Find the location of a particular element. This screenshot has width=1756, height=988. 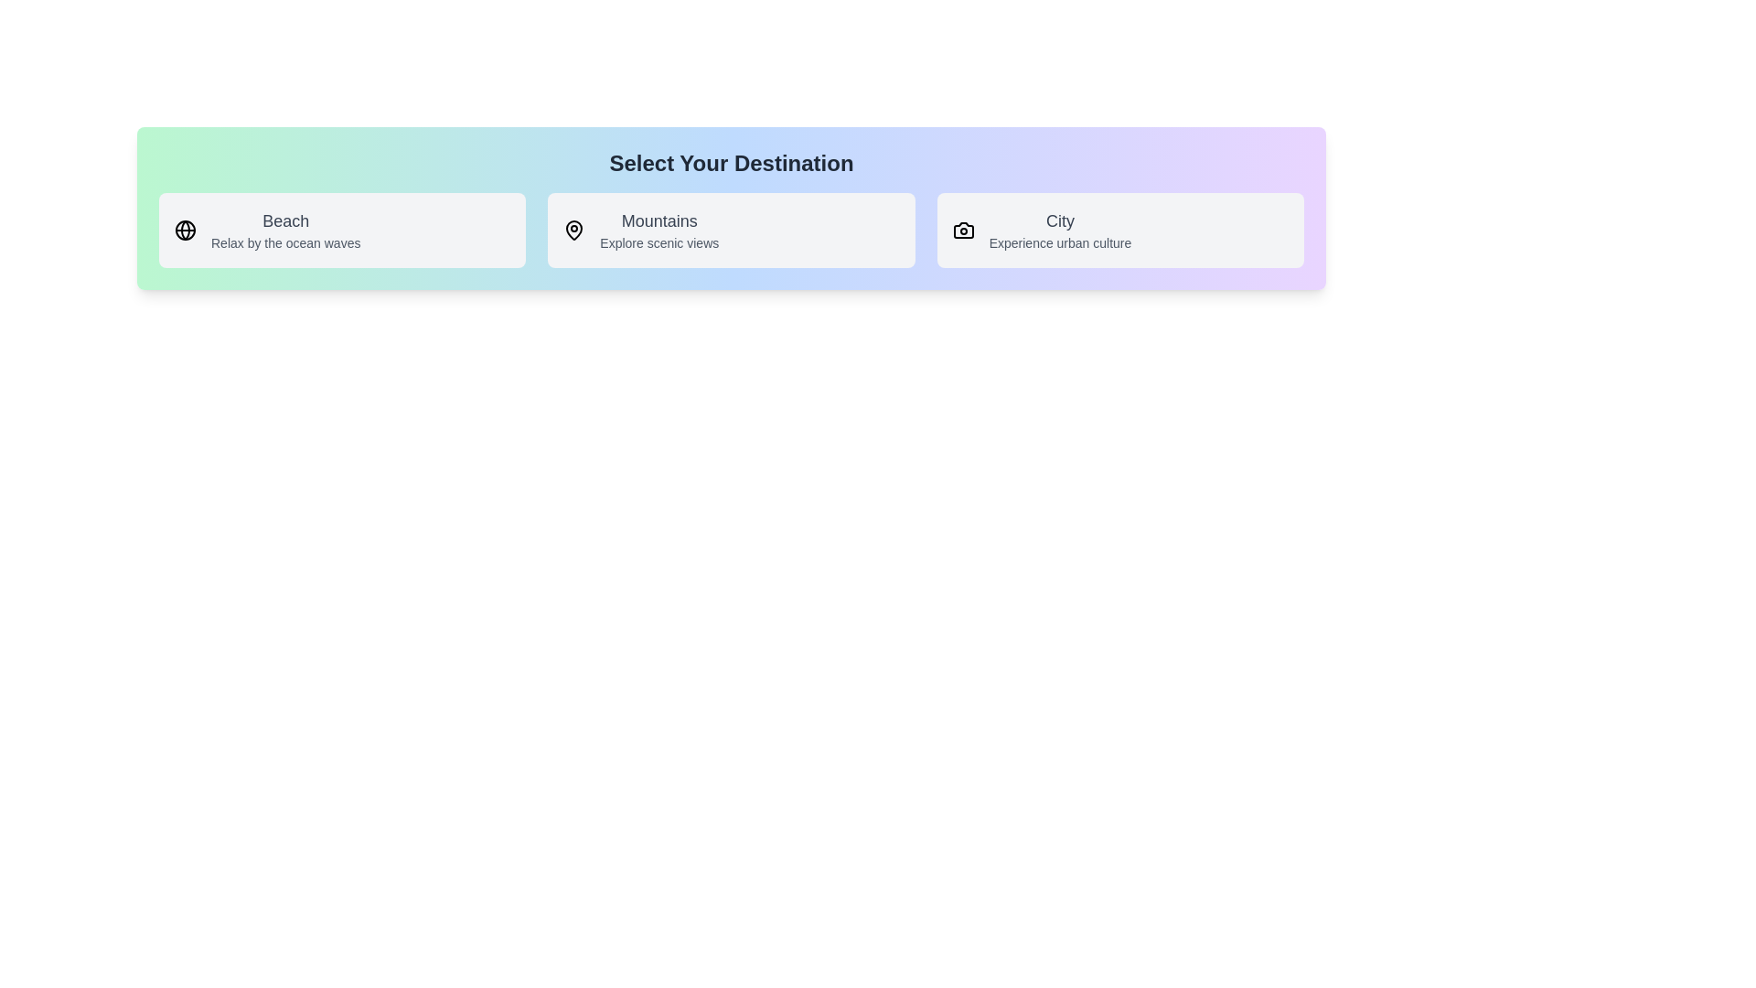

text 'Experience urban culture' which is located below the bolded text 'City' in the right section of the user interface is located at coordinates (1060, 242).